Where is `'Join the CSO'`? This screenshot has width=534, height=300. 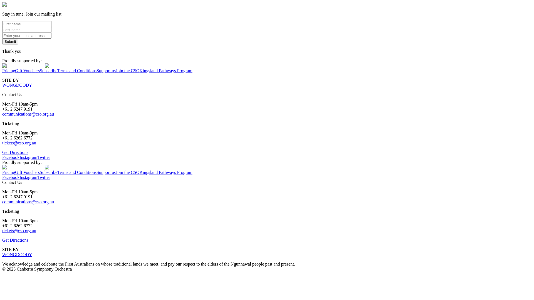
'Join the CSO' is located at coordinates (127, 172).